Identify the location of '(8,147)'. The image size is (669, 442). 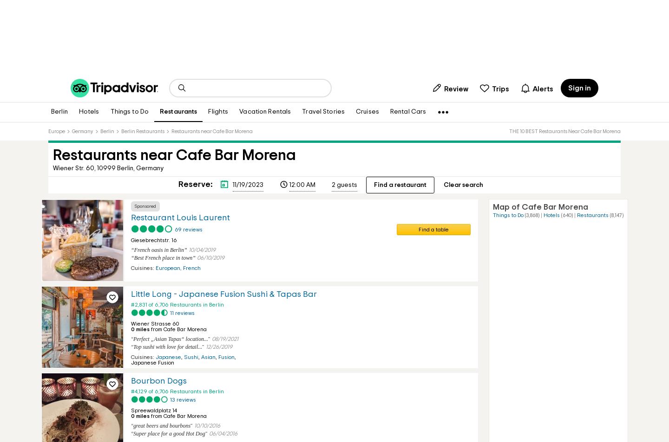
(616, 215).